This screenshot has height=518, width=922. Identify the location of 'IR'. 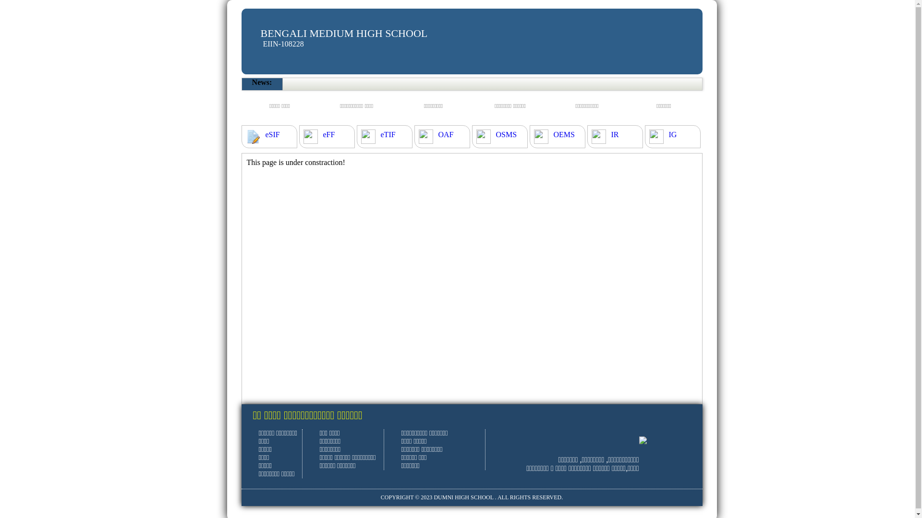
(615, 135).